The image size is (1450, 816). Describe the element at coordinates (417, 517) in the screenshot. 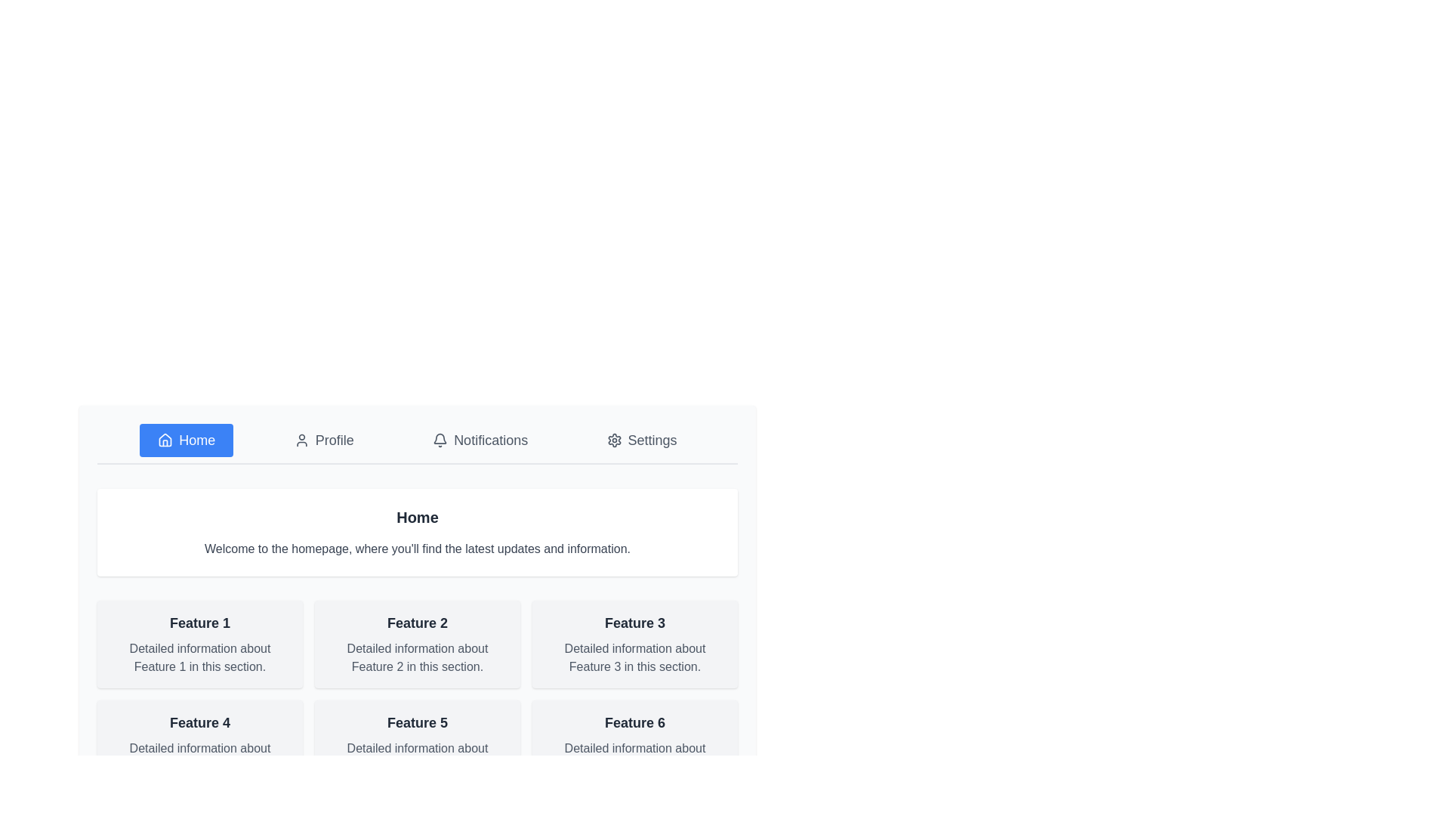

I see `the 'Home' text component, which is styled with a larger font size and bold weighting, located centrally under the menu options in a white rounded box` at that location.